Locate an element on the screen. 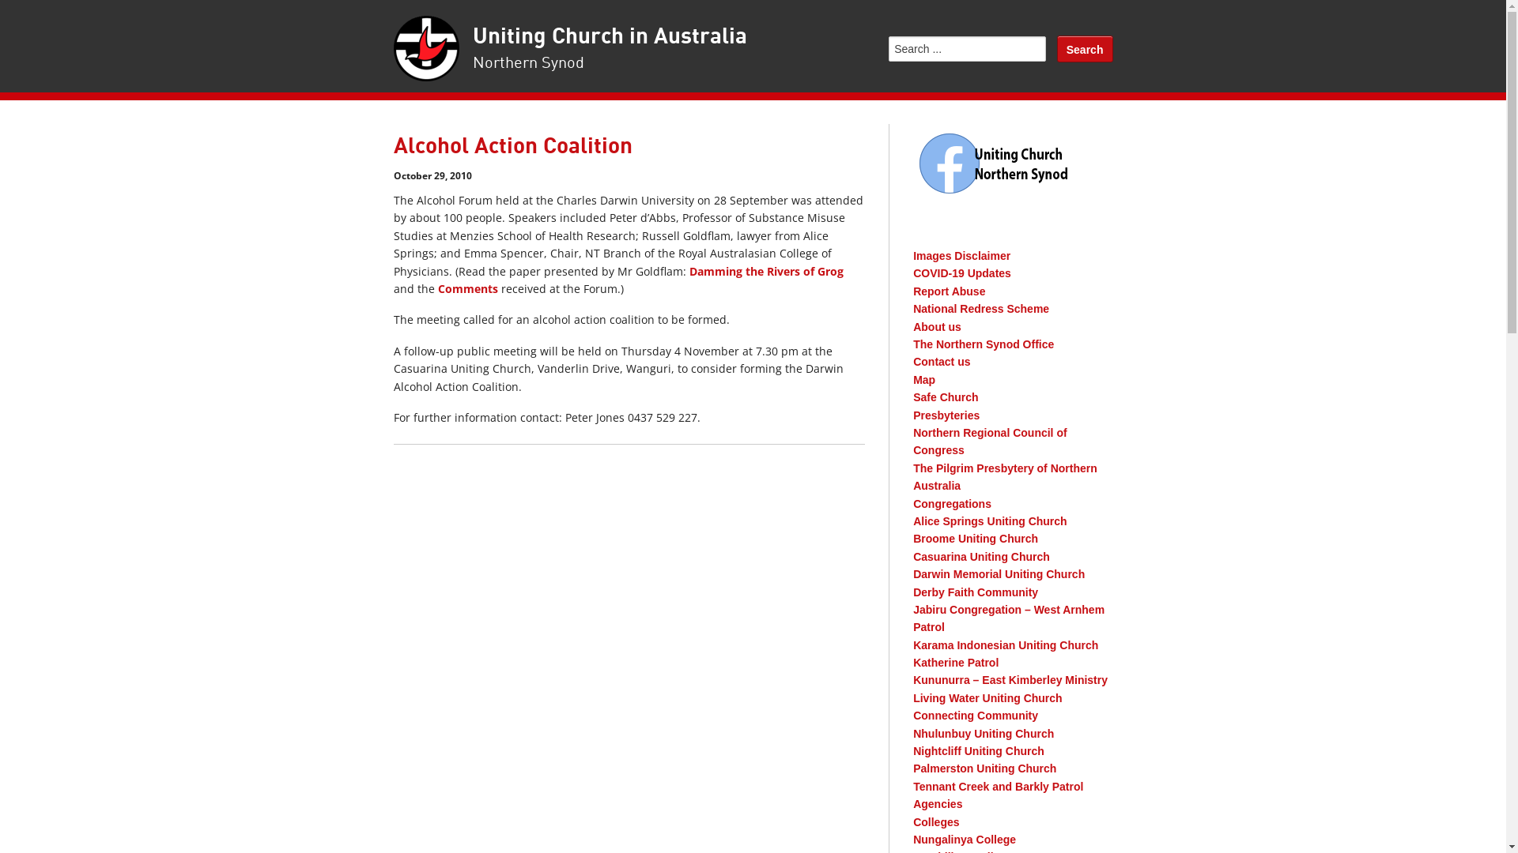  'Search' is located at coordinates (1084, 47).